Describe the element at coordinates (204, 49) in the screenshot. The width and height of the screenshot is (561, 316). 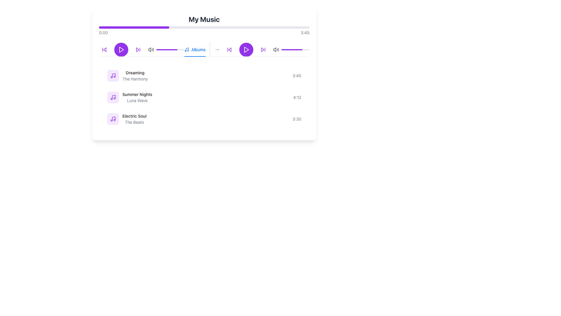
I see `the horizontal tab navigation located below the progress bar and above the playlist content` at that location.